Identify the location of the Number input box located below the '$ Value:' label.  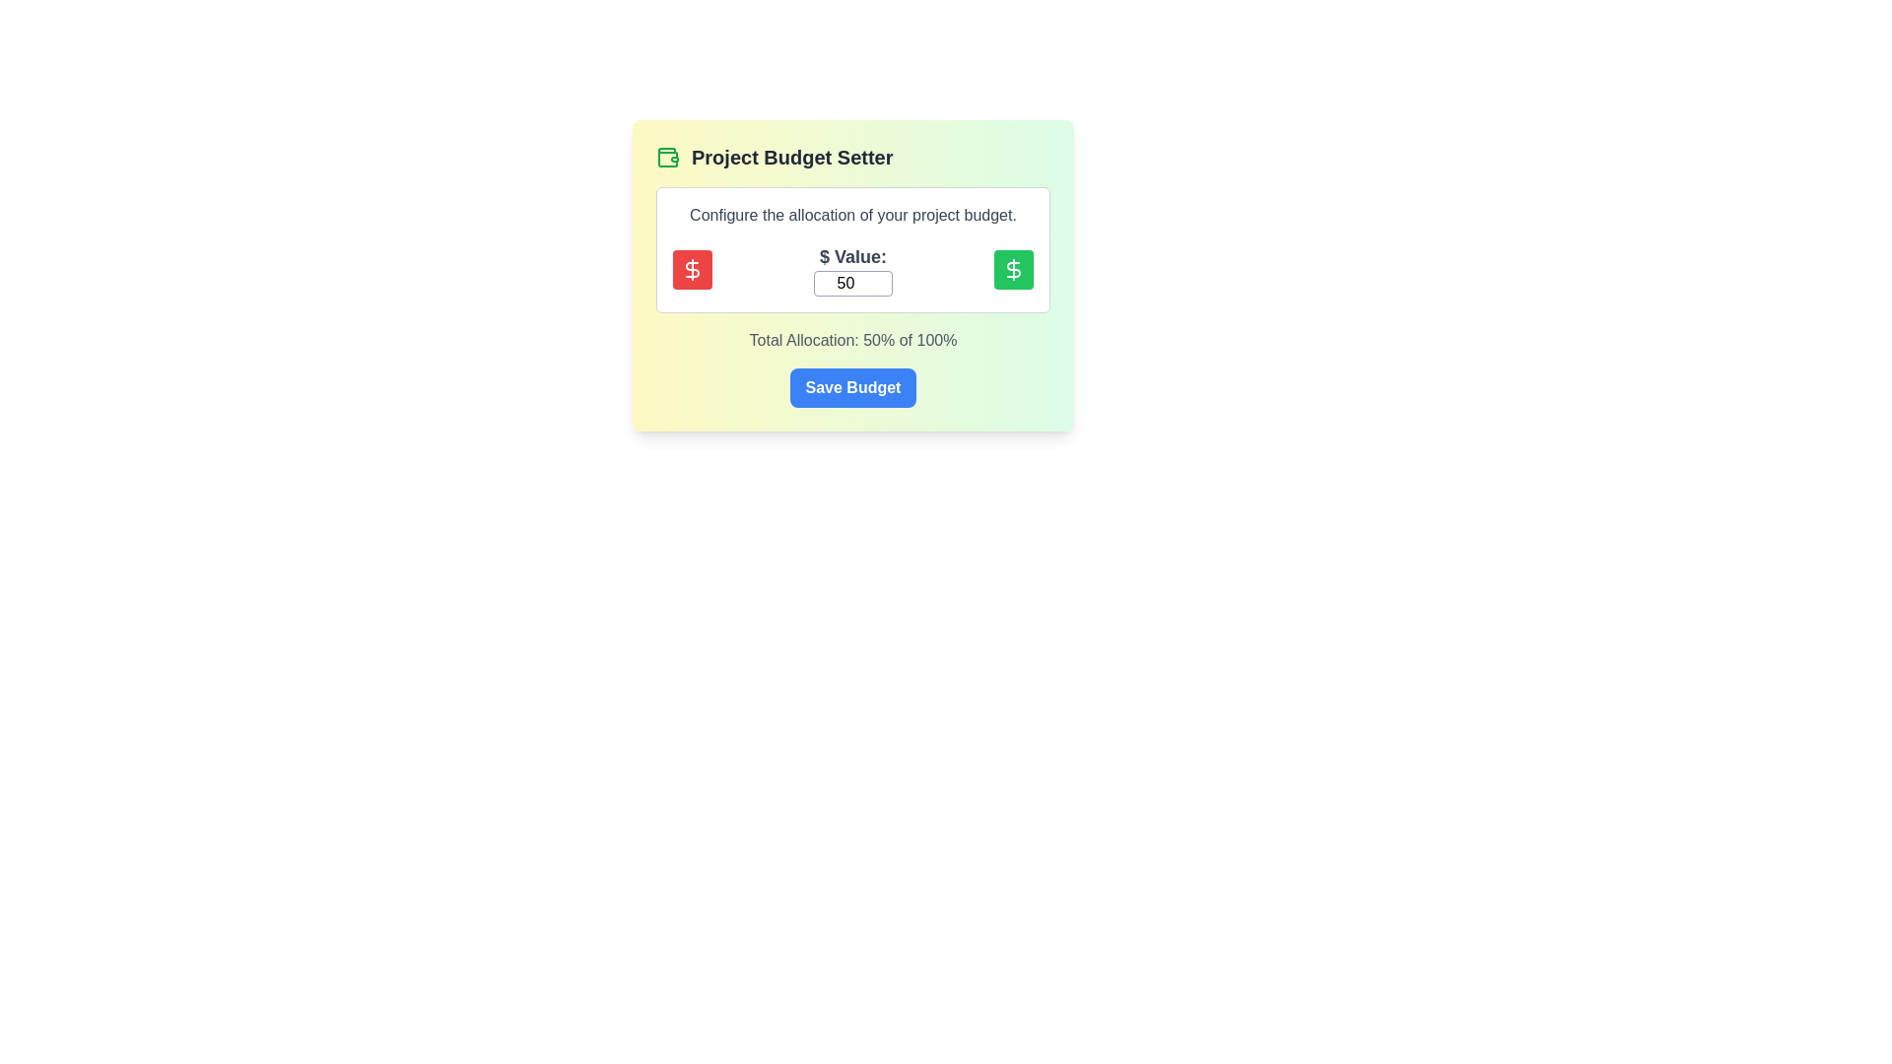
(852, 284).